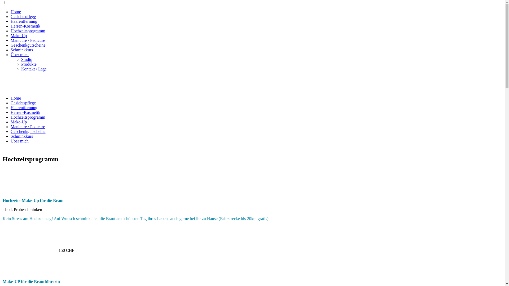 The height and width of the screenshot is (286, 509). I want to click on 'Manicure / Pedicure', so click(10, 40).